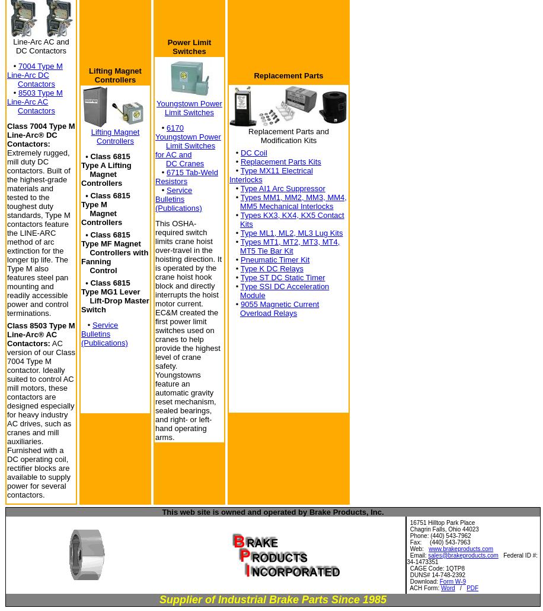  I want to click on 'Type AI1 Arc Suppressor', so click(239, 188).